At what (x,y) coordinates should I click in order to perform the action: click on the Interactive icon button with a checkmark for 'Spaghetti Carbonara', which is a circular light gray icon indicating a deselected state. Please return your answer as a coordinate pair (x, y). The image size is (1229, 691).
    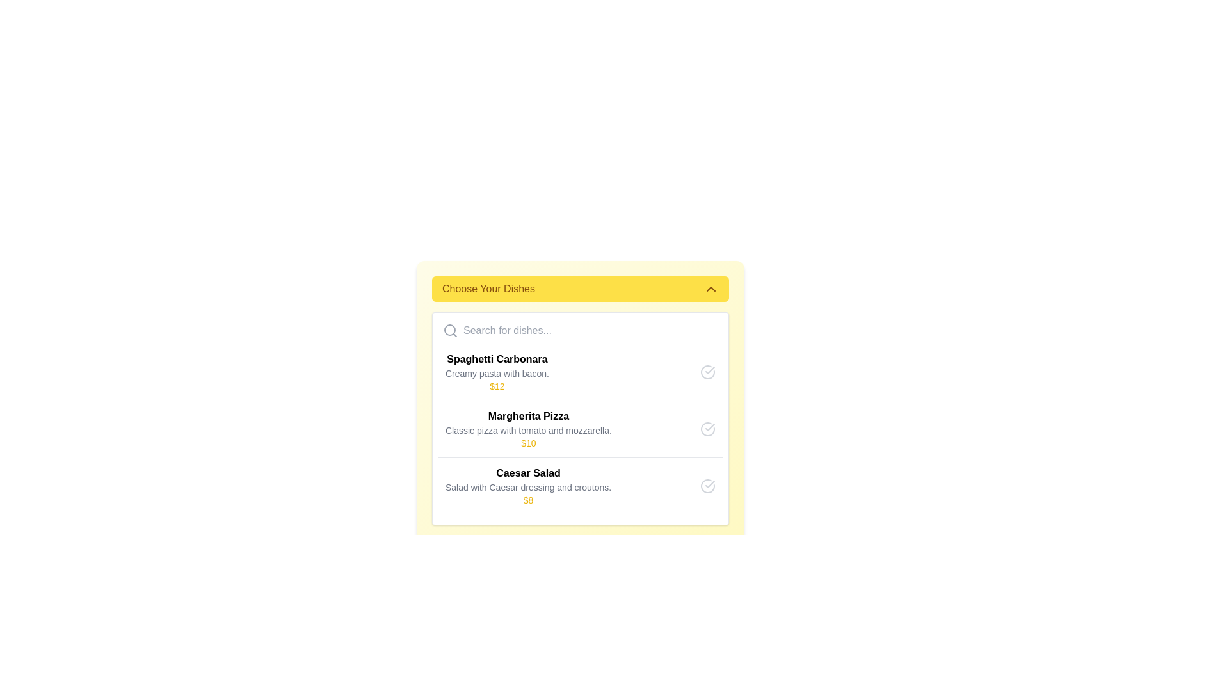
    Looking at the image, I should click on (707, 372).